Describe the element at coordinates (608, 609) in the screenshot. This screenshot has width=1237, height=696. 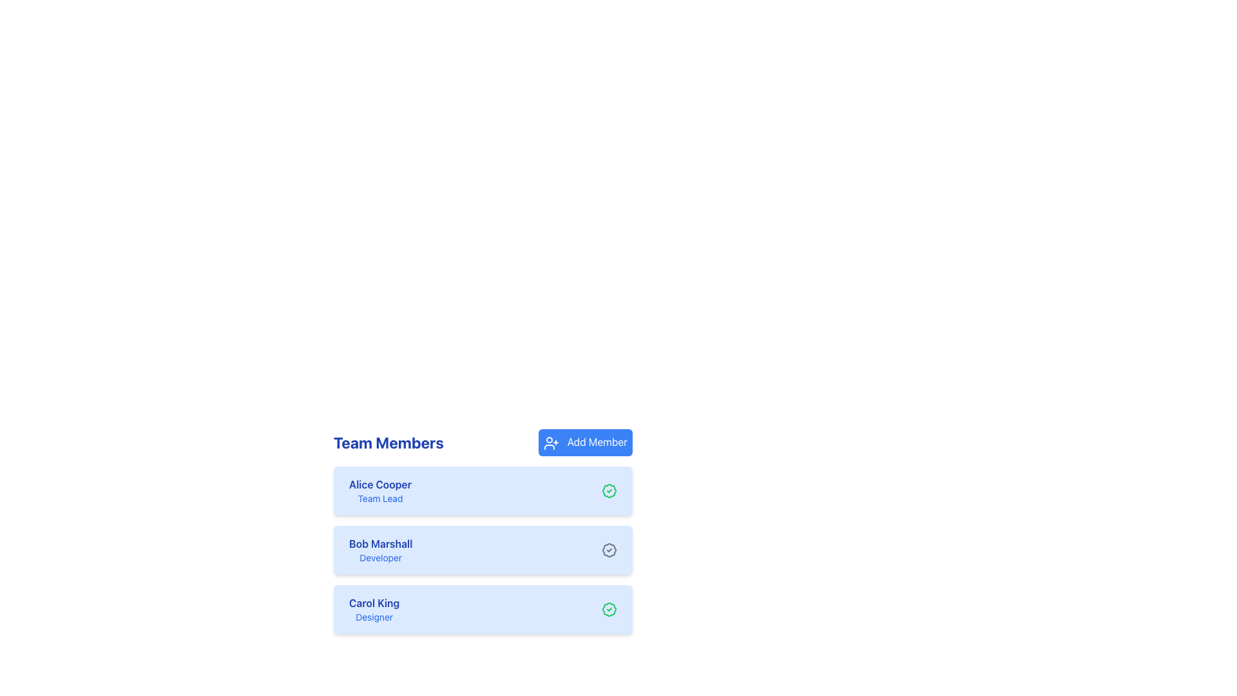
I see `the circular graphical icon with a checkmark within a green-bordered badge, located at the rightmost end of the row for 'Carol King, Designer' in the 'Team Members' section` at that location.